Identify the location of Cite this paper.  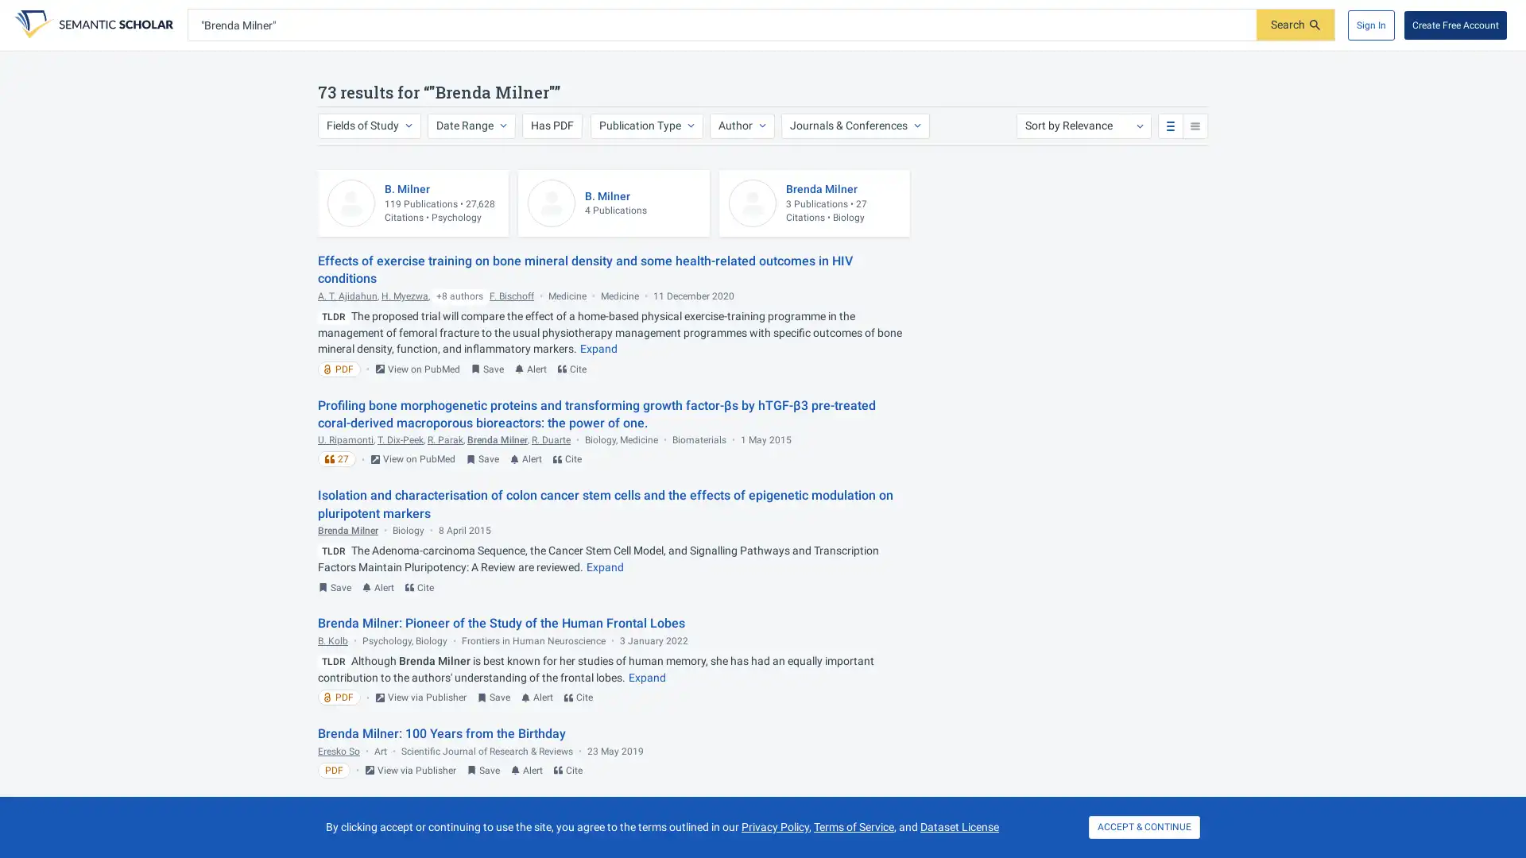
(568, 769).